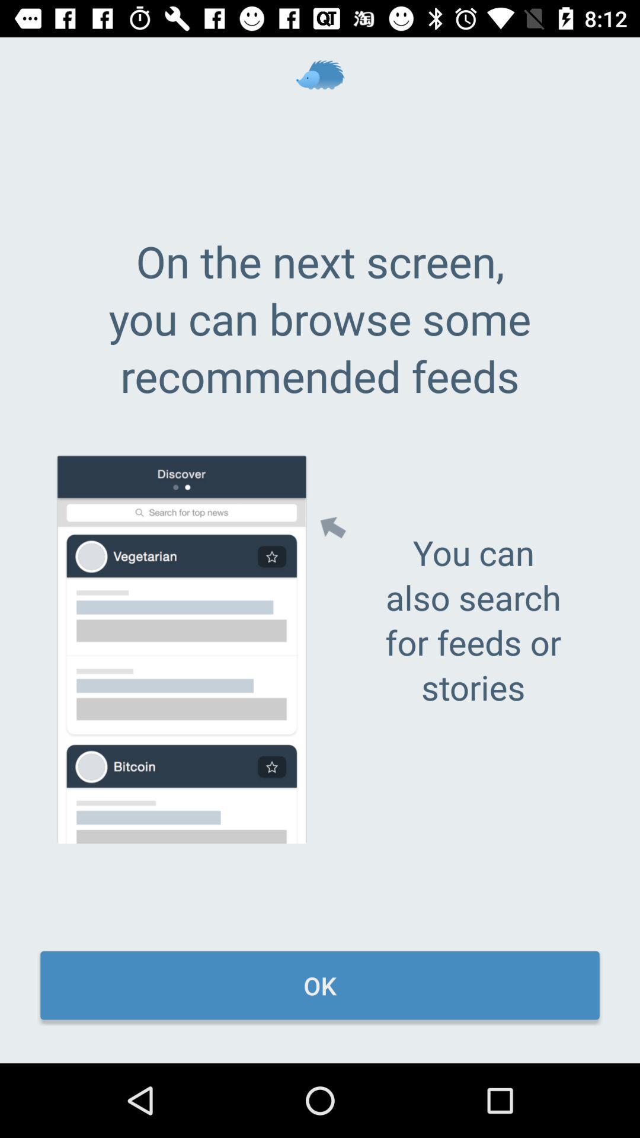 The width and height of the screenshot is (640, 1138). I want to click on the ok, so click(320, 985).